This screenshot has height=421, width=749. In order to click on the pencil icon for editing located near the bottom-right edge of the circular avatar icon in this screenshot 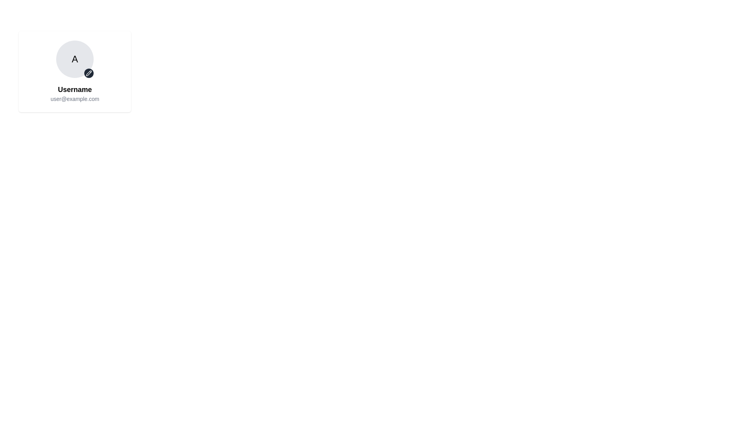, I will do `click(88, 73)`.